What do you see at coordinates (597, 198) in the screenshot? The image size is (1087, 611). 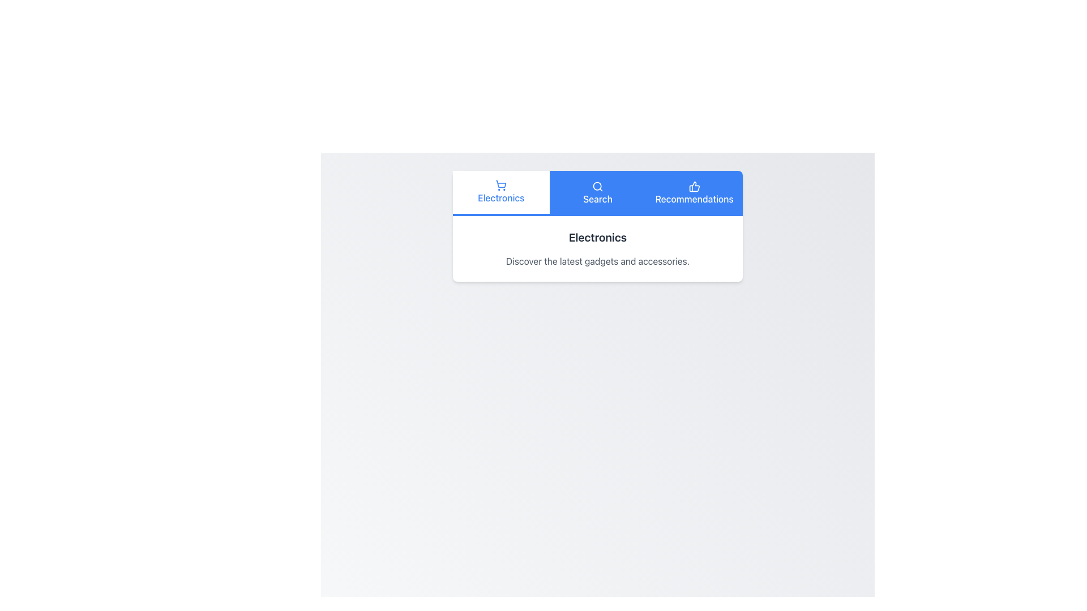 I see `the 'Search' text label, which is displayed in white font on a blue rectangular background, positioned centrally within the navigation menu` at bounding box center [597, 198].